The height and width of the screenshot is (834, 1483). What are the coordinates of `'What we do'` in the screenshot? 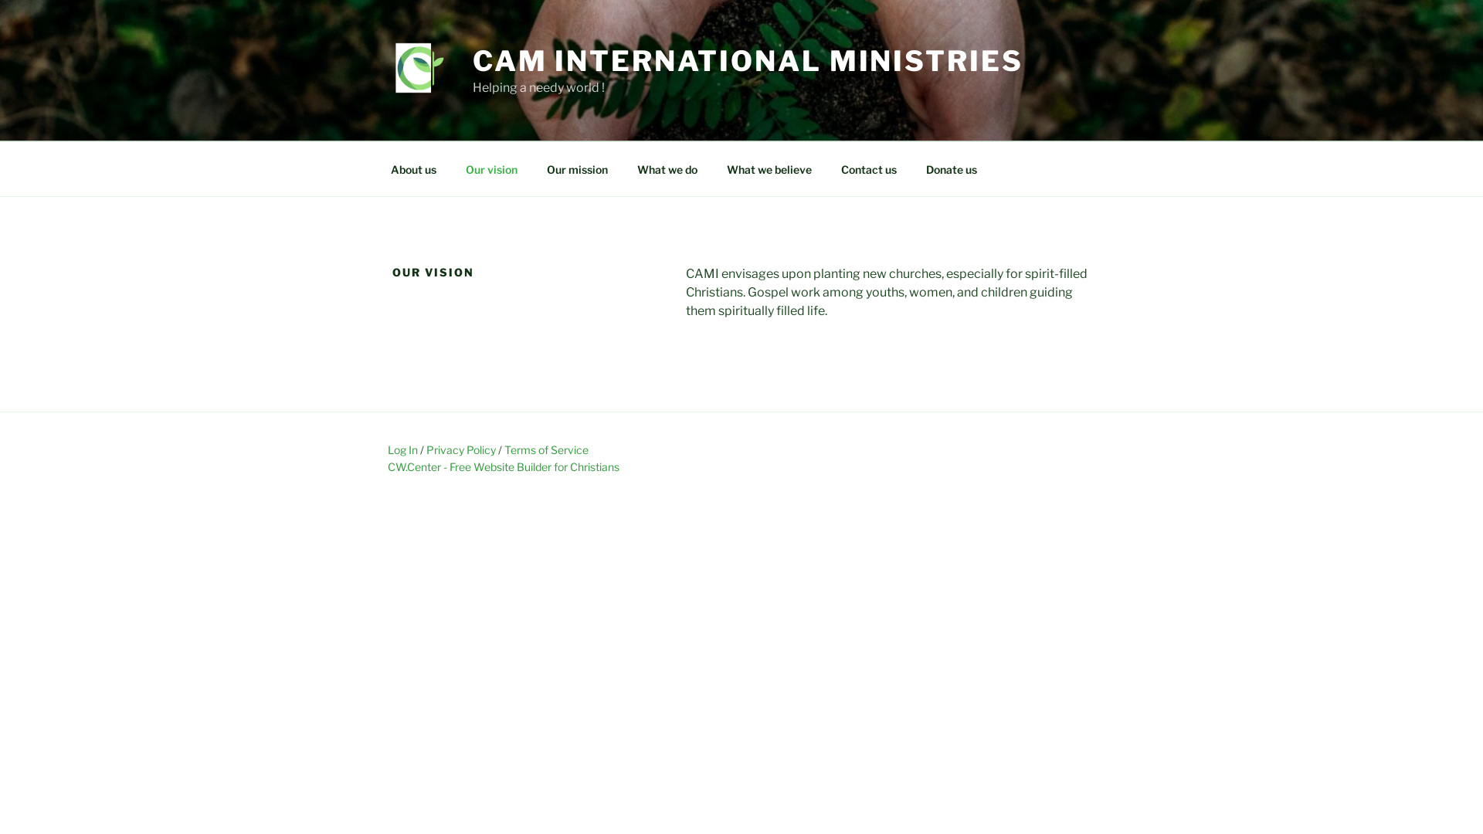 It's located at (623, 168).